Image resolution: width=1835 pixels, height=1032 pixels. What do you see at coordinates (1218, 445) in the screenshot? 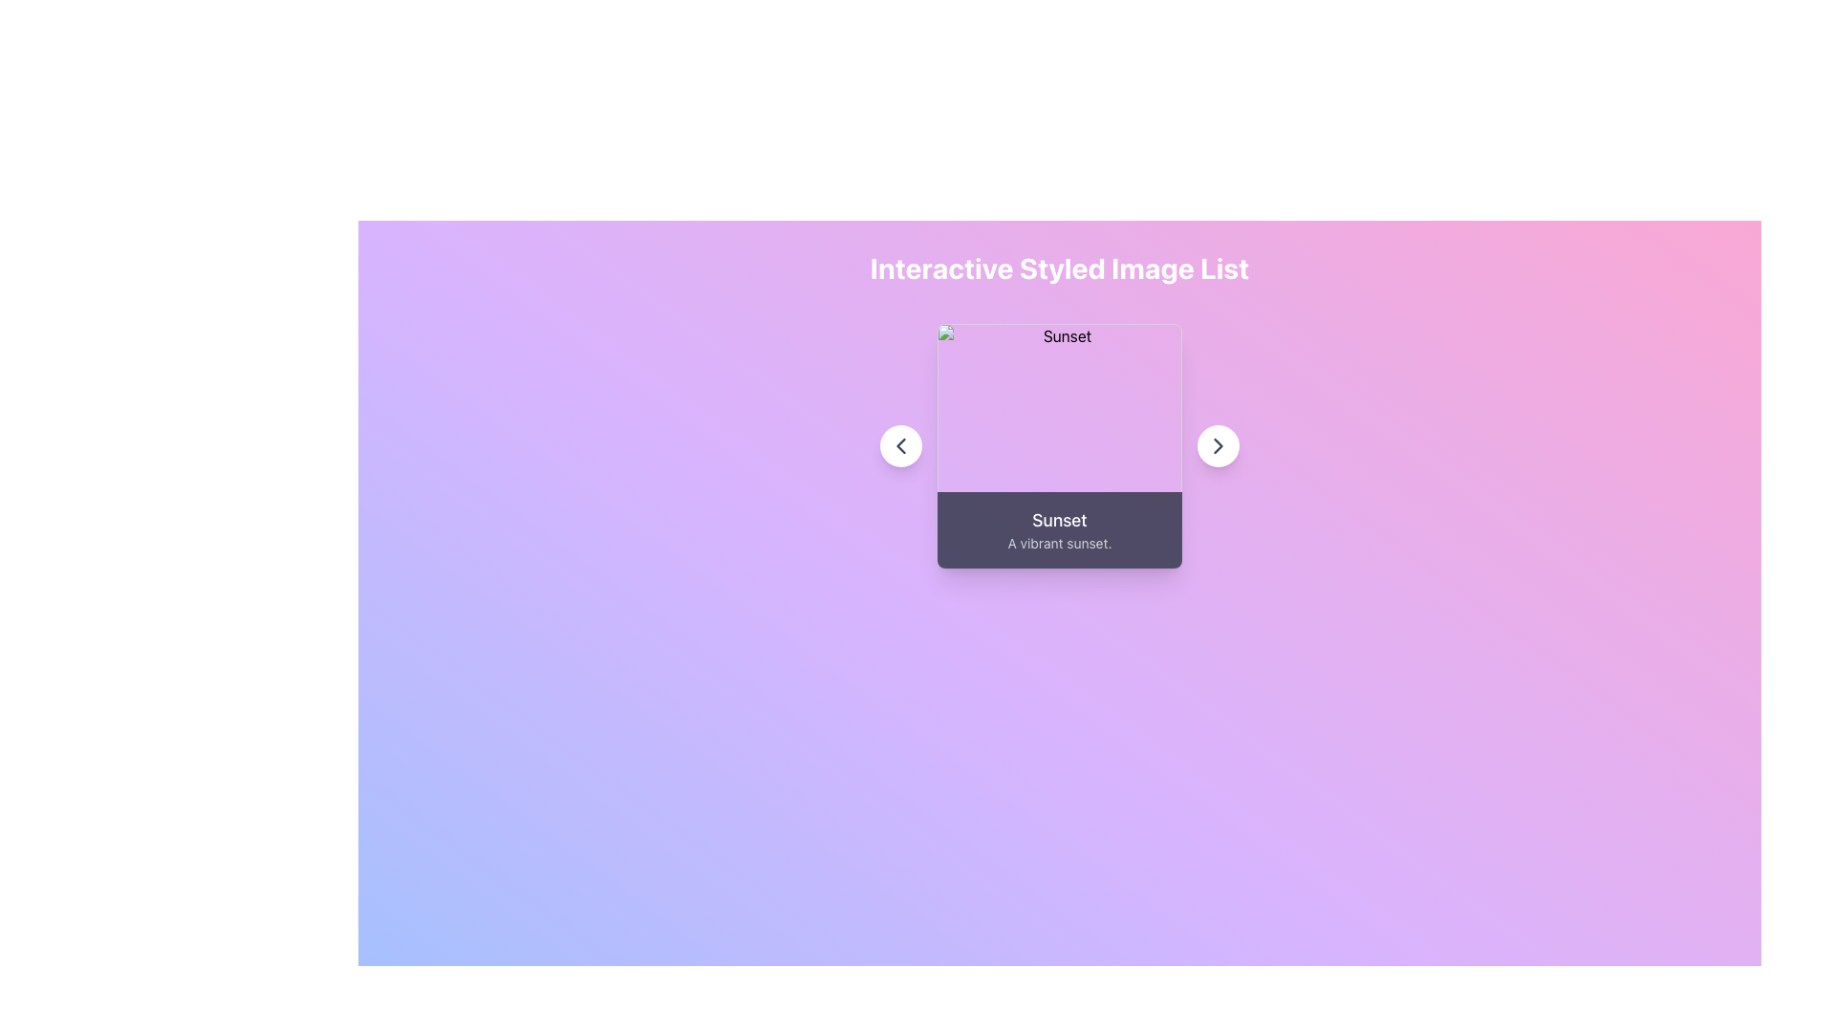
I see `the circular button with a white background and black rightward arrow` at bounding box center [1218, 445].